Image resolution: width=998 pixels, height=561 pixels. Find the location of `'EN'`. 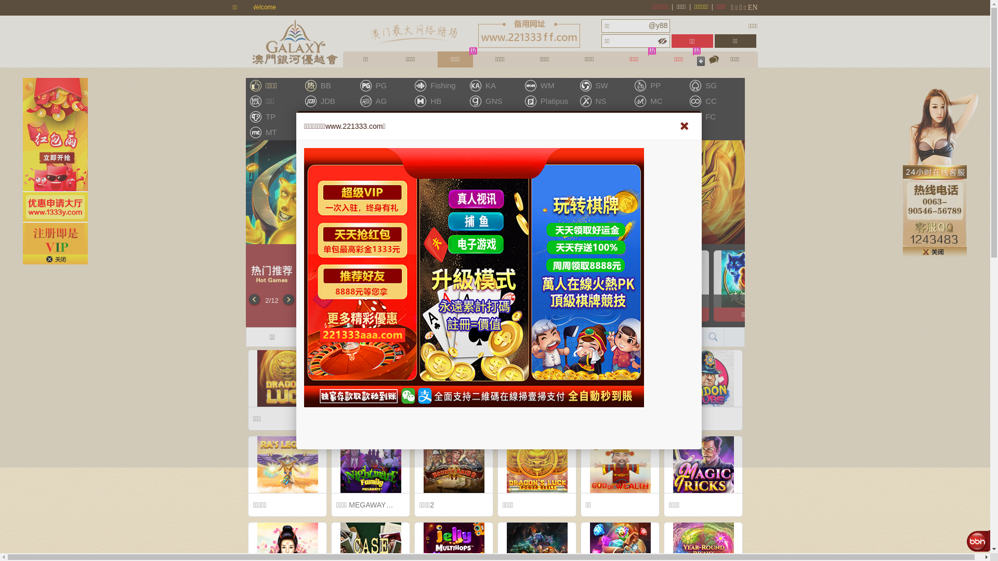

'EN' is located at coordinates (756, 7).